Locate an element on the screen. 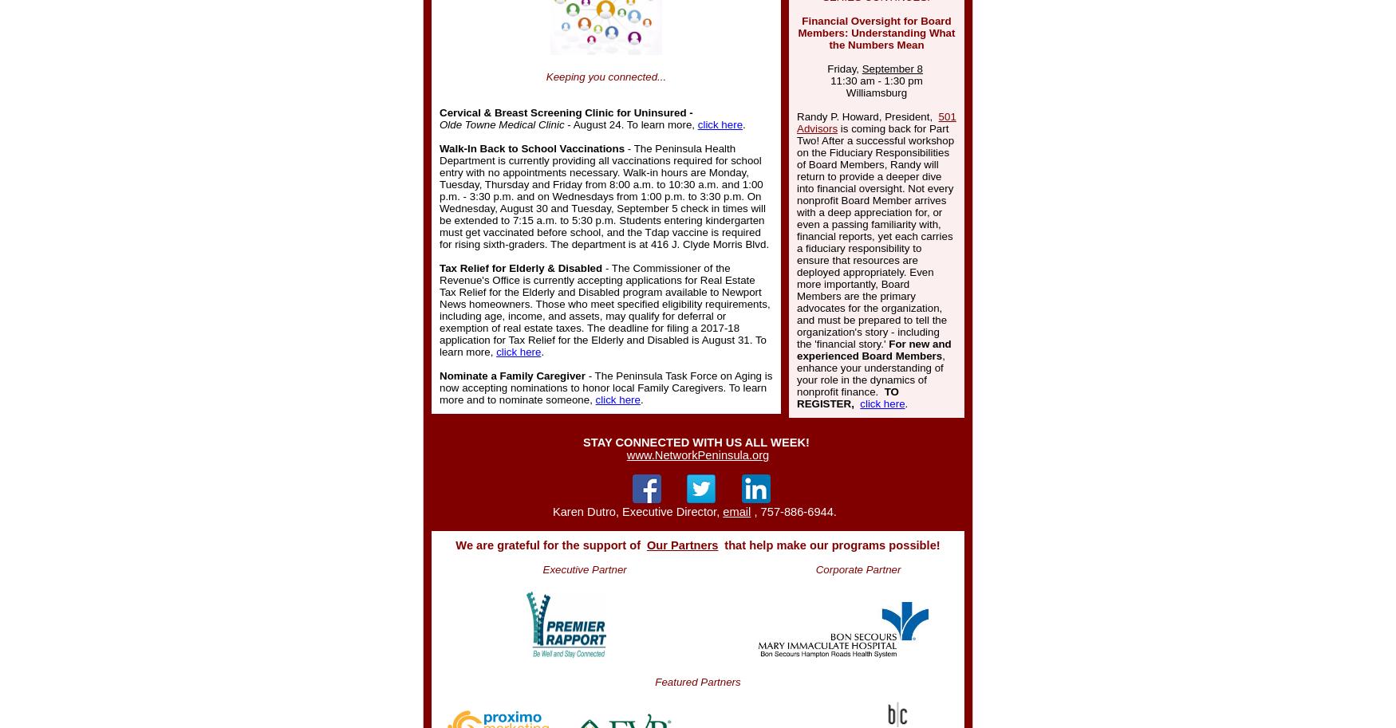 Image resolution: width=1396 pixels, height=728 pixels. 'Olde Towne Medical Clinic' is located at coordinates (500, 124).